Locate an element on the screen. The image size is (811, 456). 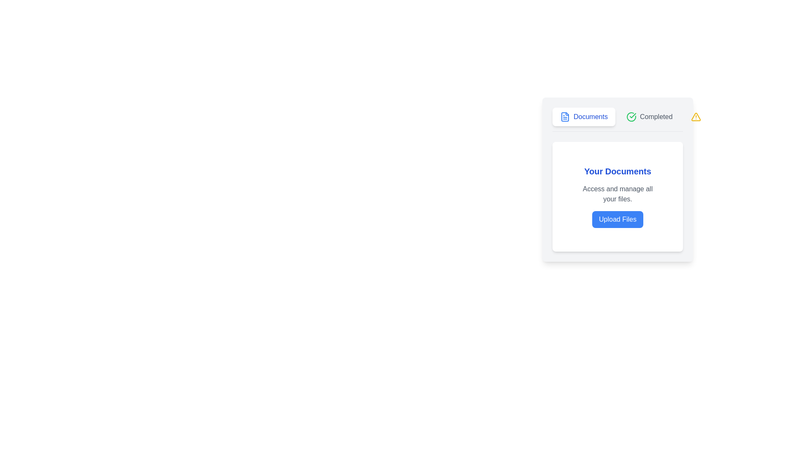
the circular icon with a green border and a checkmark that symbolizes completion, located to the left of the text 'Completed' is located at coordinates (631, 117).